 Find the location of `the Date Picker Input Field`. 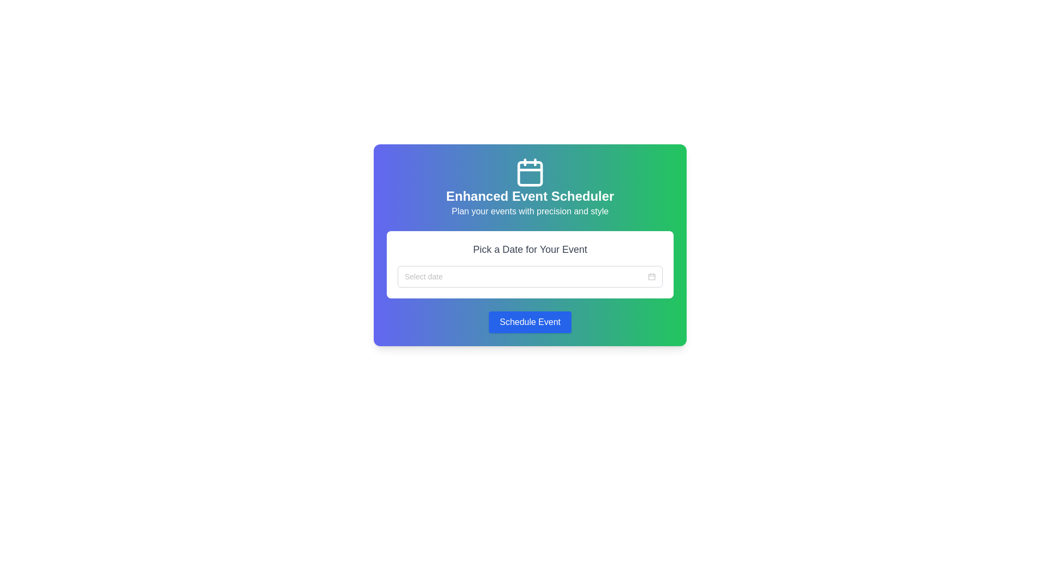

the Date Picker Input Field is located at coordinates (530, 276).